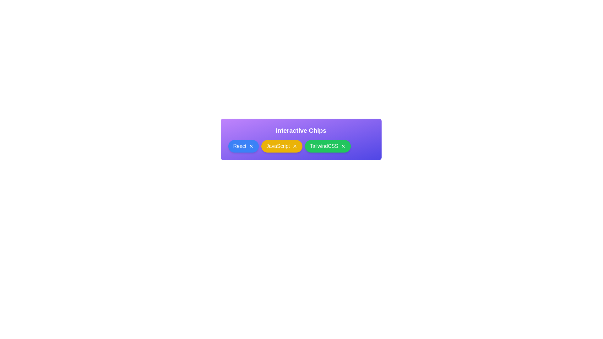 Image resolution: width=603 pixels, height=339 pixels. What do you see at coordinates (251, 146) in the screenshot?
I see `close button on the chip labeled React` at bounding box center [251, 146].